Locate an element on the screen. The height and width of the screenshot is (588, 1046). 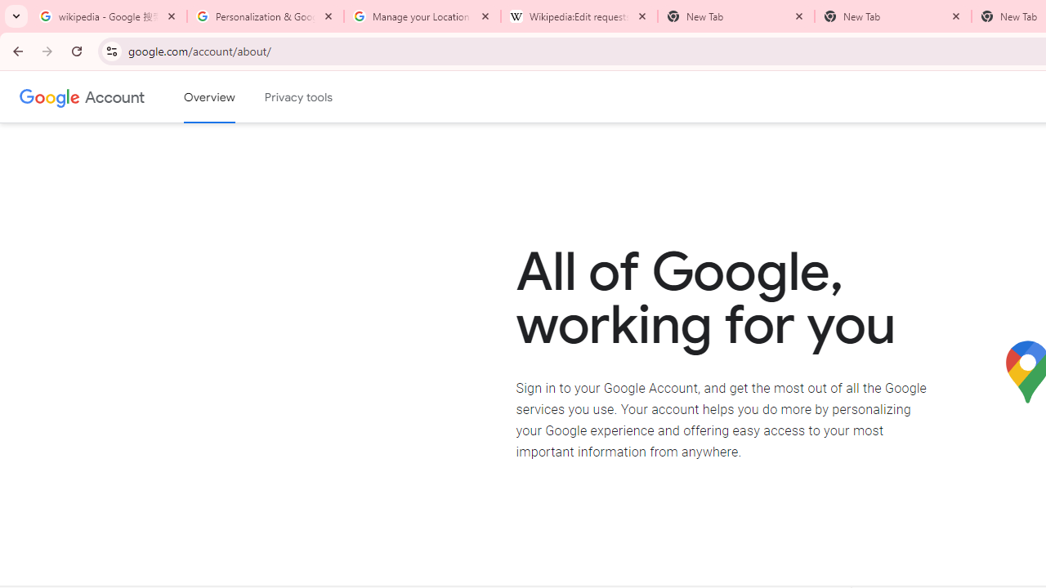
'New Tab' is located at coordinates (892, 16).